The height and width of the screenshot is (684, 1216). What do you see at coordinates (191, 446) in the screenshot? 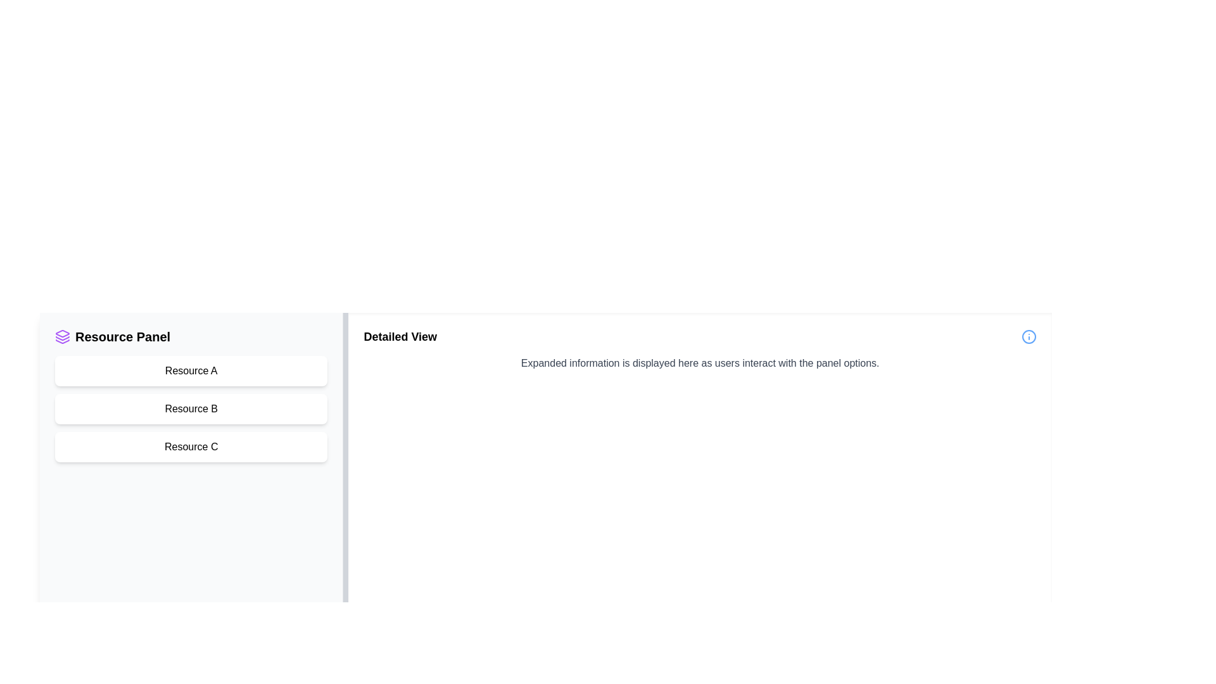
I see `the 'Resource C' button, which is a rectangular button with bold black text and a white background, located in the 'Resource Panel' section below 'Resource B'` at bounding box center [191, 446].